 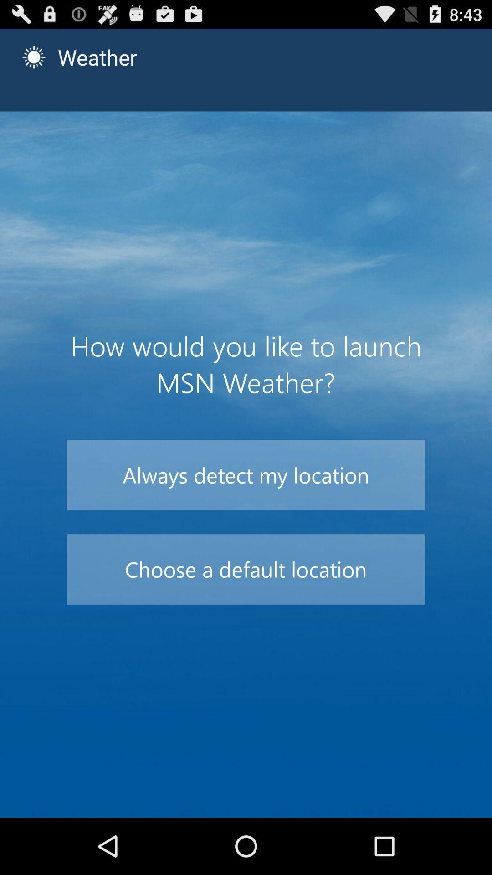 What do you see at coordinates (246, 569) in the screenshot?
I see `the icon below always detect my icon` at bounding box center [246, 569].